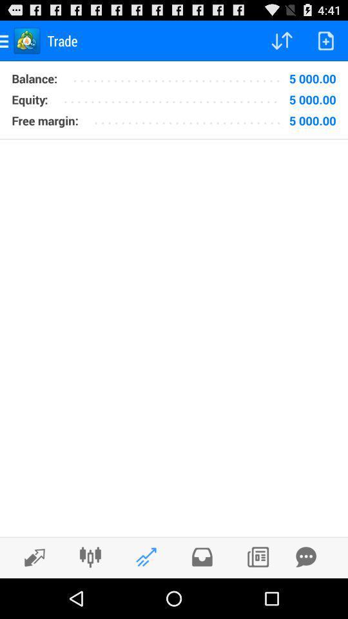 The width and height of the screenshot is (348, 619). What do you see at coordinates (258, 556) in the screenshot?
I see `news` at bounding box center [258, 556].